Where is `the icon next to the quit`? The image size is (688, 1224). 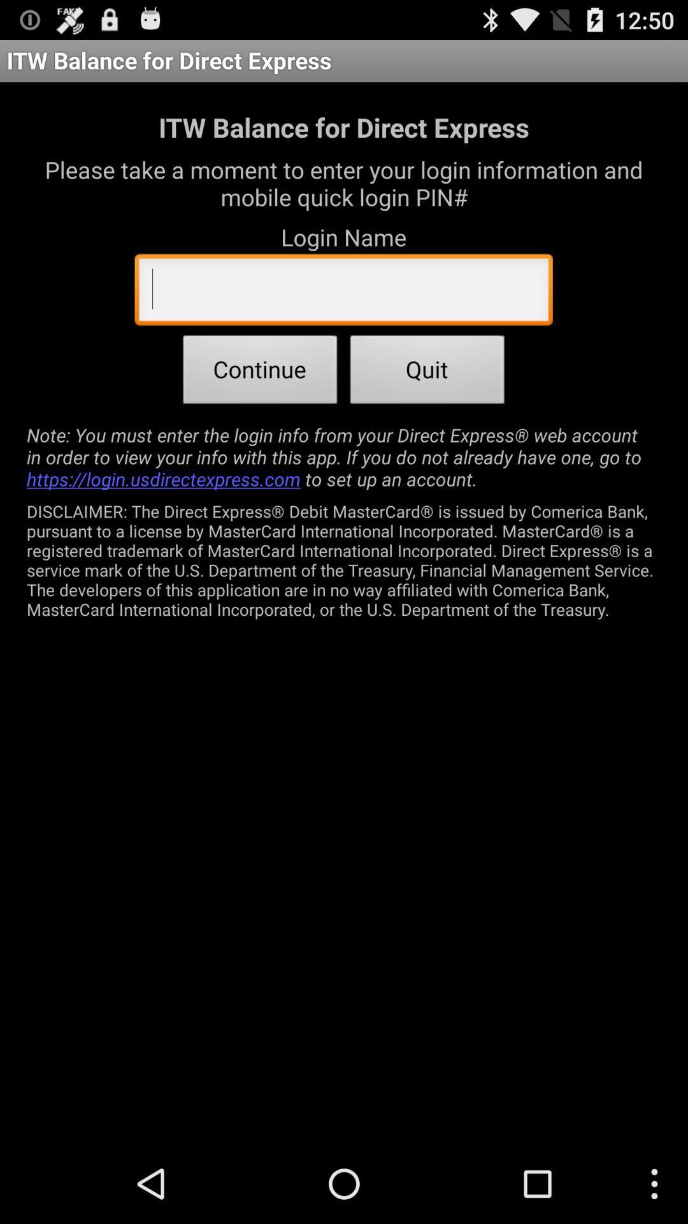 the icon next to the quit is located at coordinates (259, 372).